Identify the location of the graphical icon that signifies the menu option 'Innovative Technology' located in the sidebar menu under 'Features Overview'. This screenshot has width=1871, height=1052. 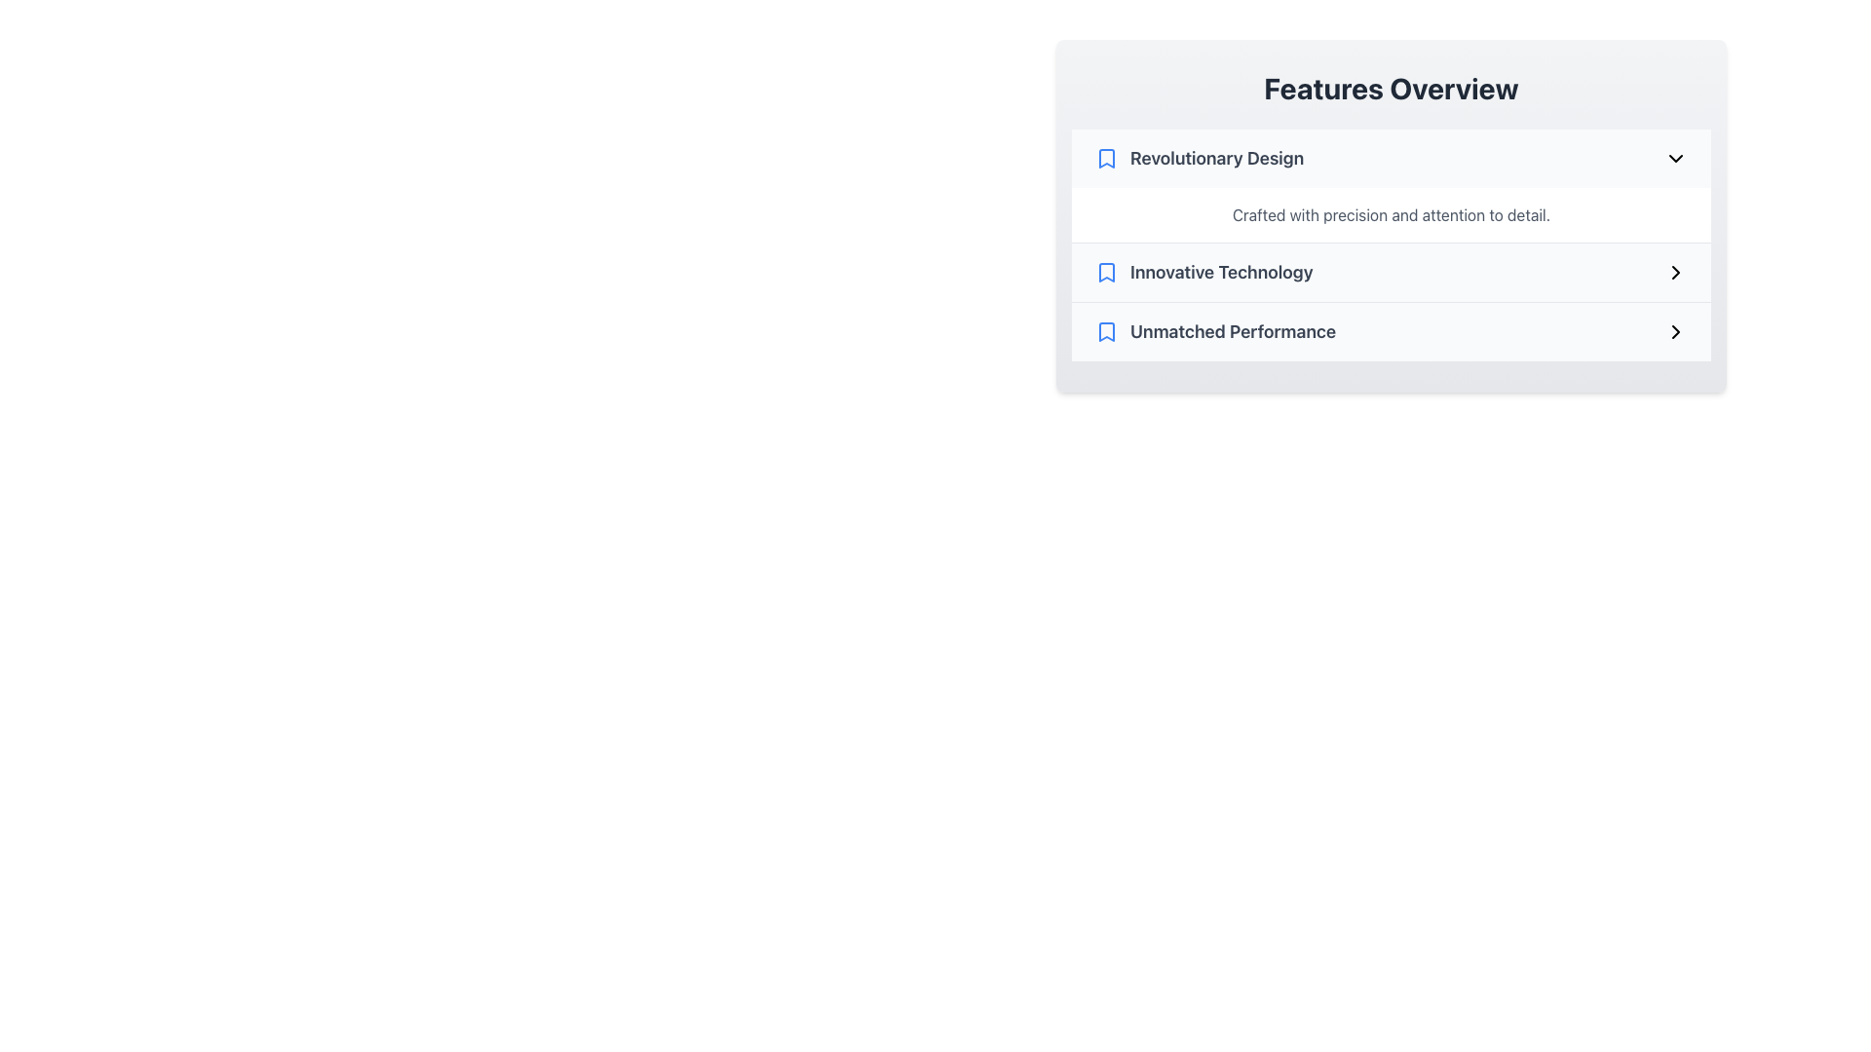
(1107, 273).